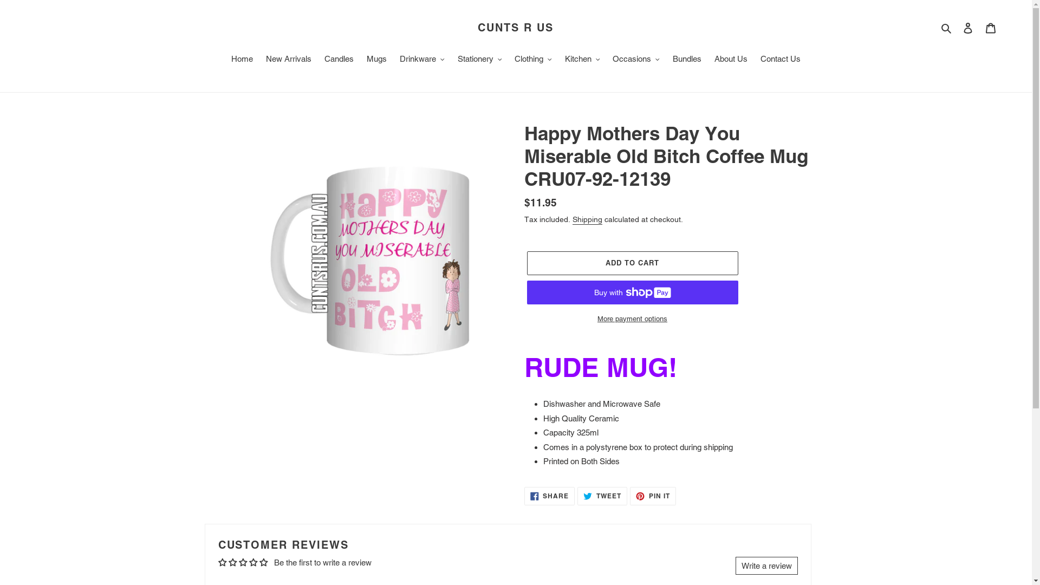  I want to click on 'Stationery', so click(452, 60).